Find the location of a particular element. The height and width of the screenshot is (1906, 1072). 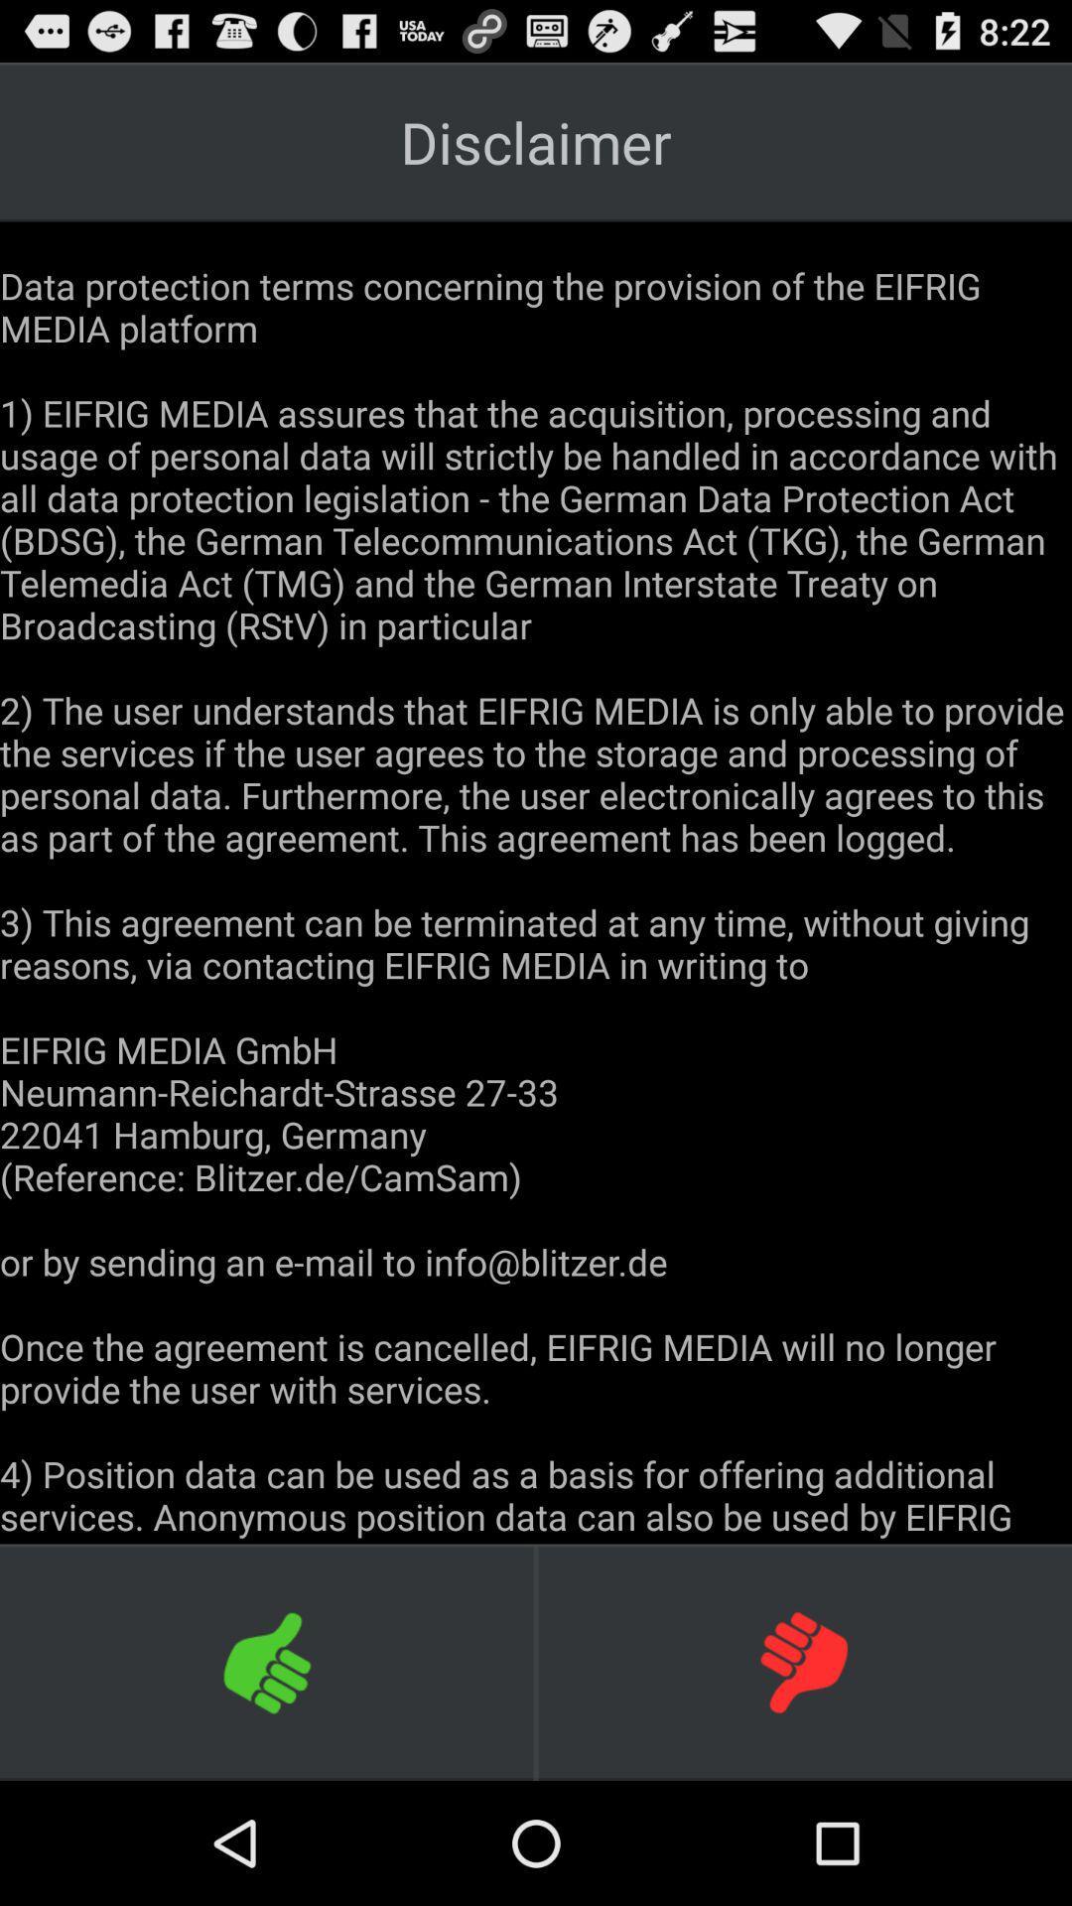

disagree with terms of use is located at coordinates (804, 1662).